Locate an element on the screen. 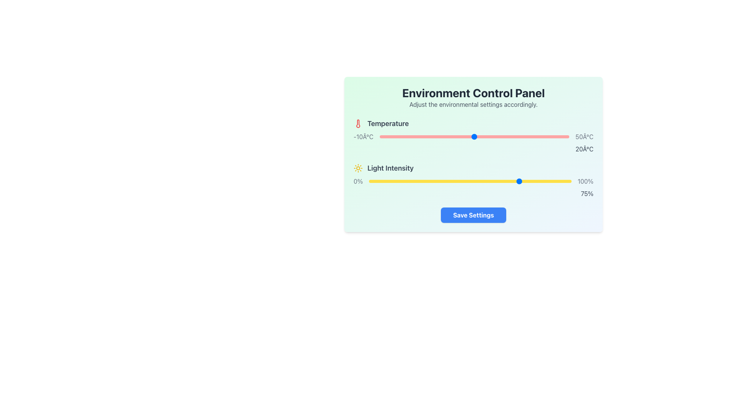 The image size is (738, 415). the temperature slider is located at coordinates (534, 136).